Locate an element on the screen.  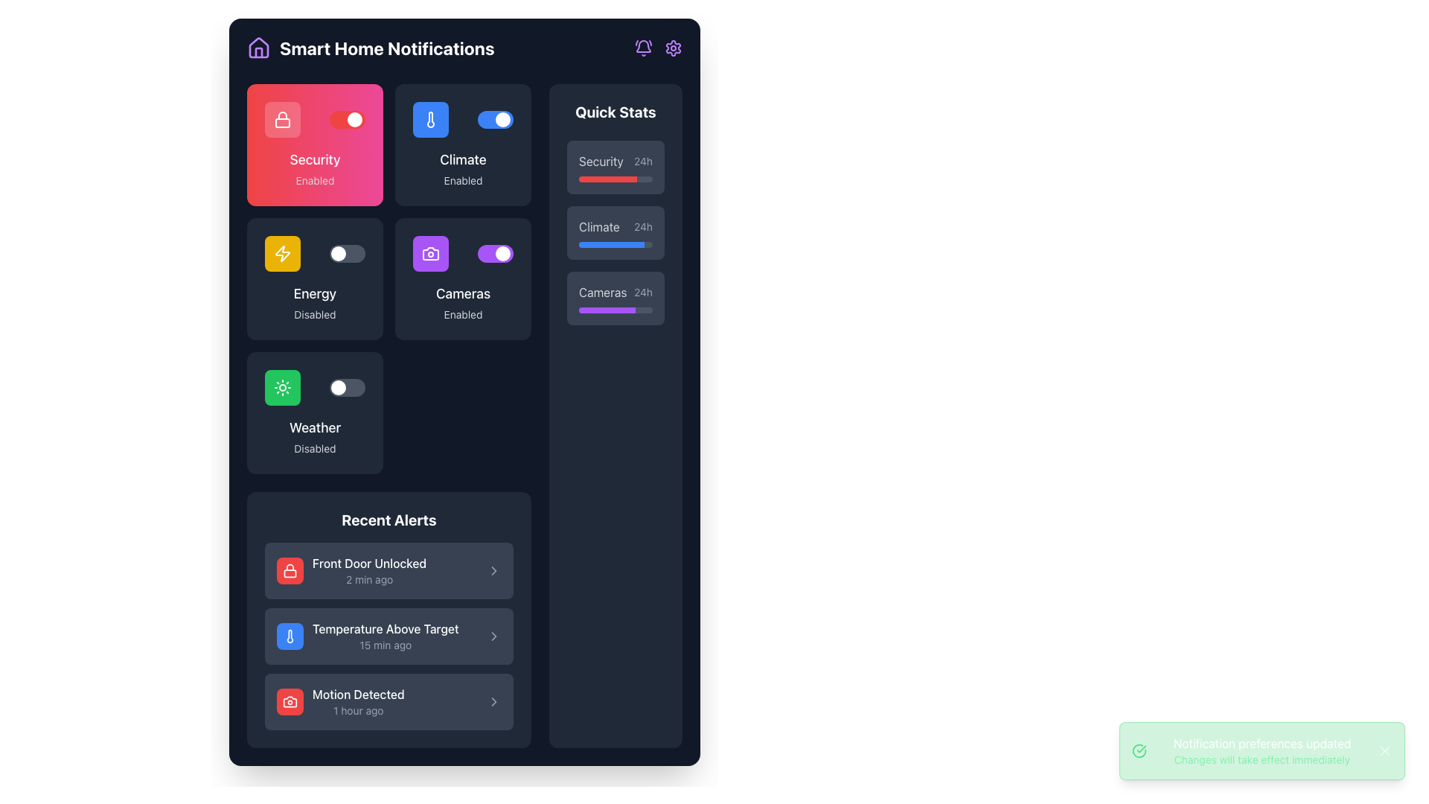
the static text indicating '24h' in the 'Security' section located in the upper-right corner of the main panel within the 'Quick Stats' column is located at coordinates (643, 161).